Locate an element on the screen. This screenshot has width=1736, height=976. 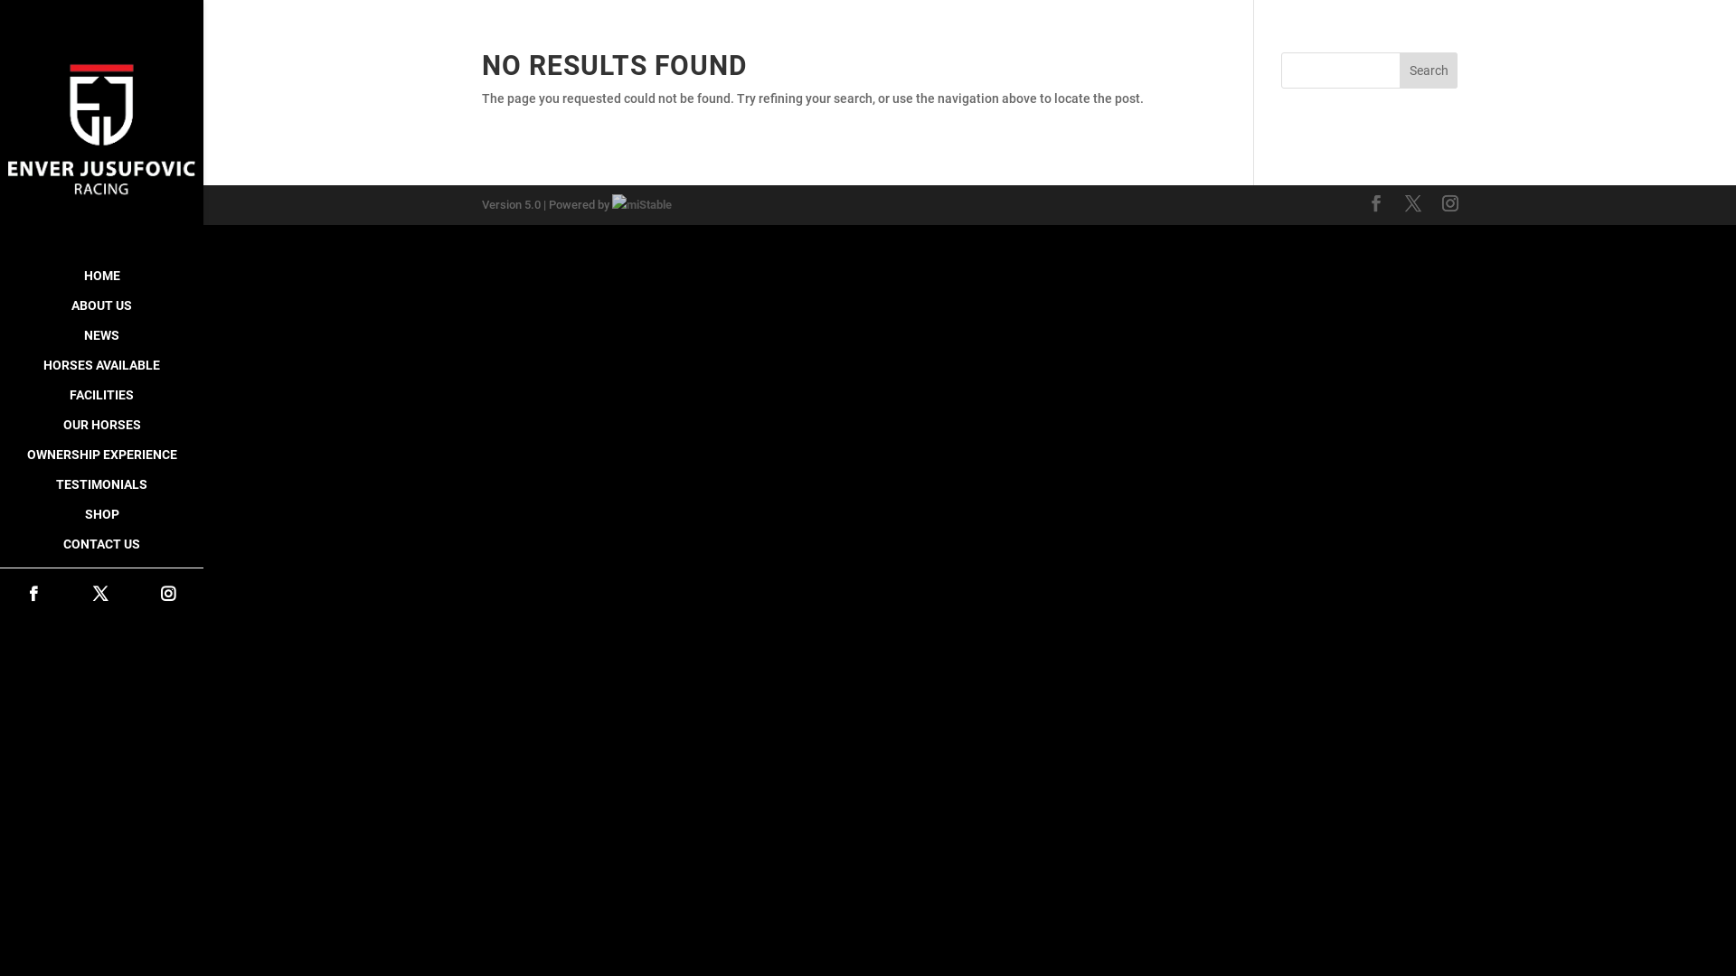
'Search' is located at coordinates (1428, 69).